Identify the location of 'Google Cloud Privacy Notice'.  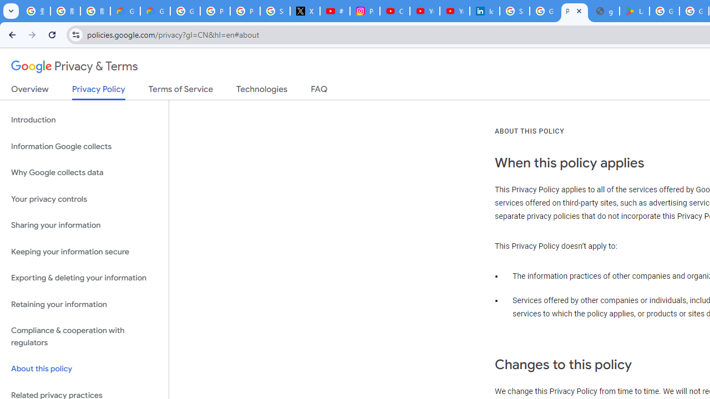
(125, 11).